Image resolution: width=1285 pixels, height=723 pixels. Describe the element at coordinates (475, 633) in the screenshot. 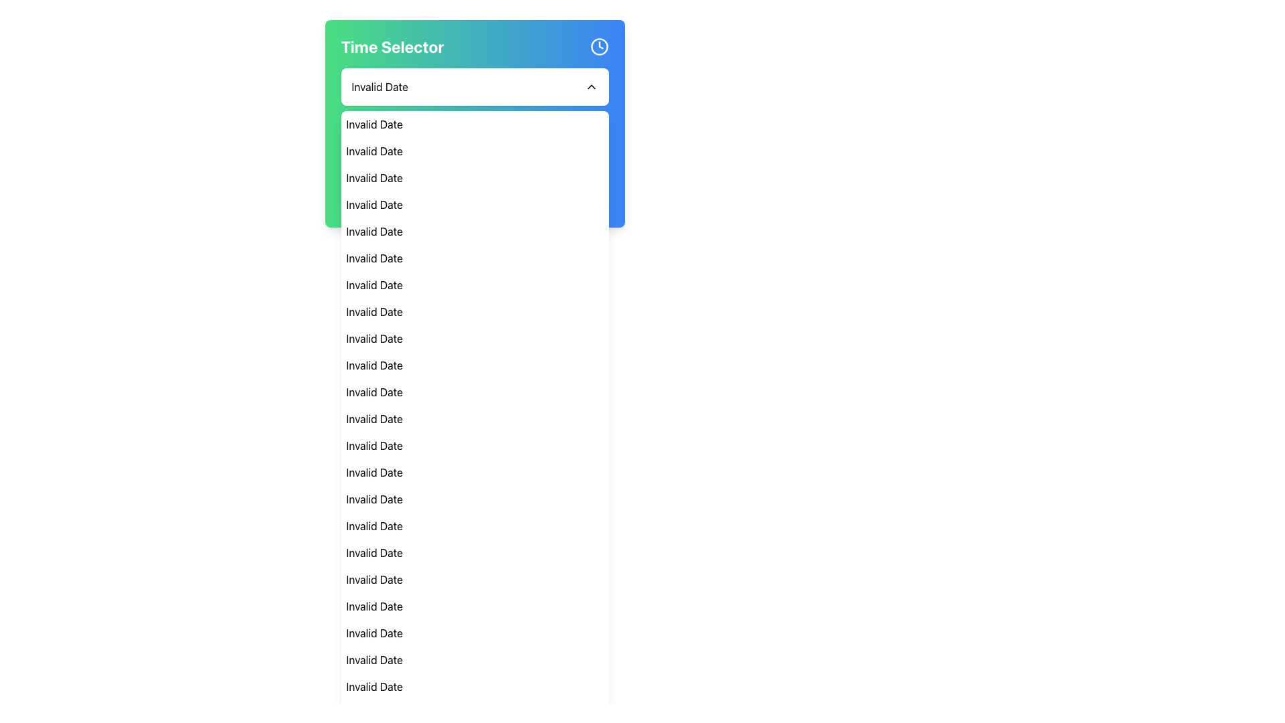

I see `the 'Invalid Date' dropdown menu item, which is the 21st item in a vertical list` at that location.